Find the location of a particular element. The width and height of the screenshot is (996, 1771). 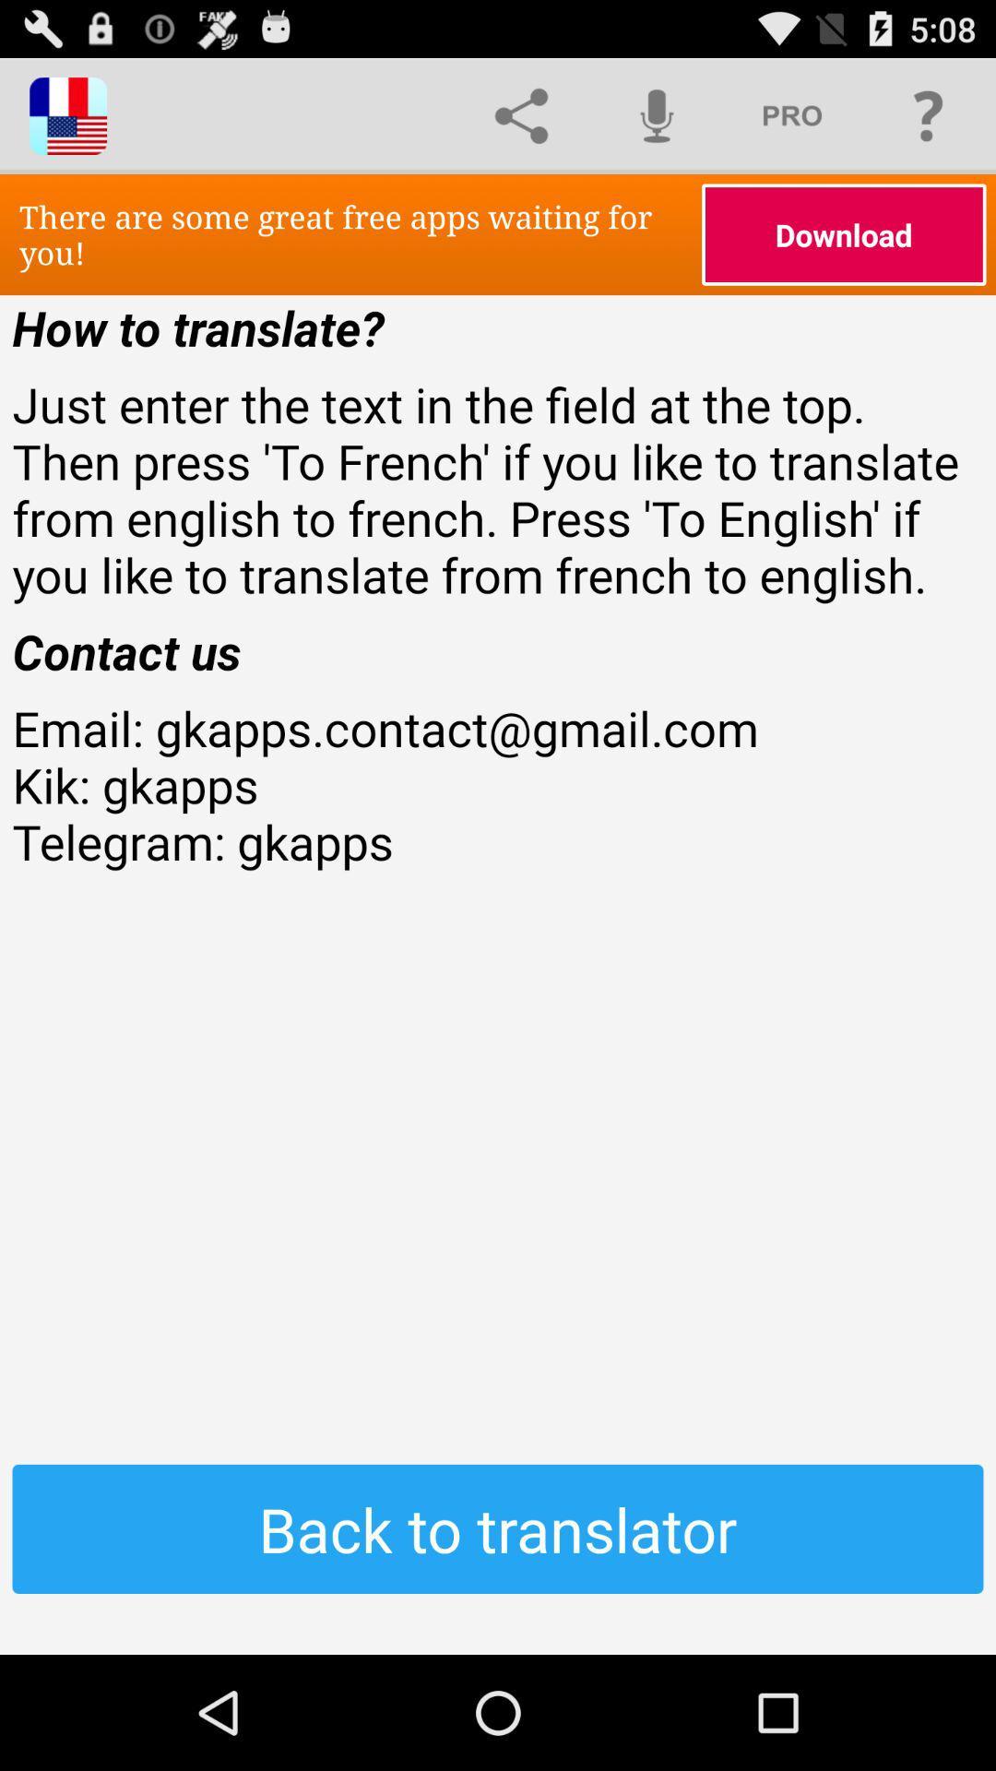

the item above the download item is located at coordinates (928, 114).